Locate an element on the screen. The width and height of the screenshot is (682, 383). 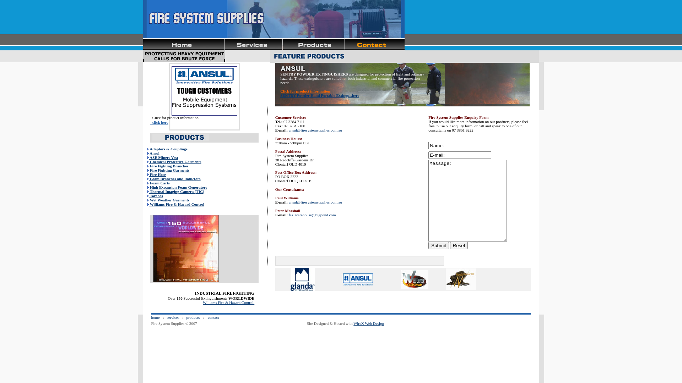
'ansul@firesystemsupplies.com.au' is located at coordinates (288, 130).